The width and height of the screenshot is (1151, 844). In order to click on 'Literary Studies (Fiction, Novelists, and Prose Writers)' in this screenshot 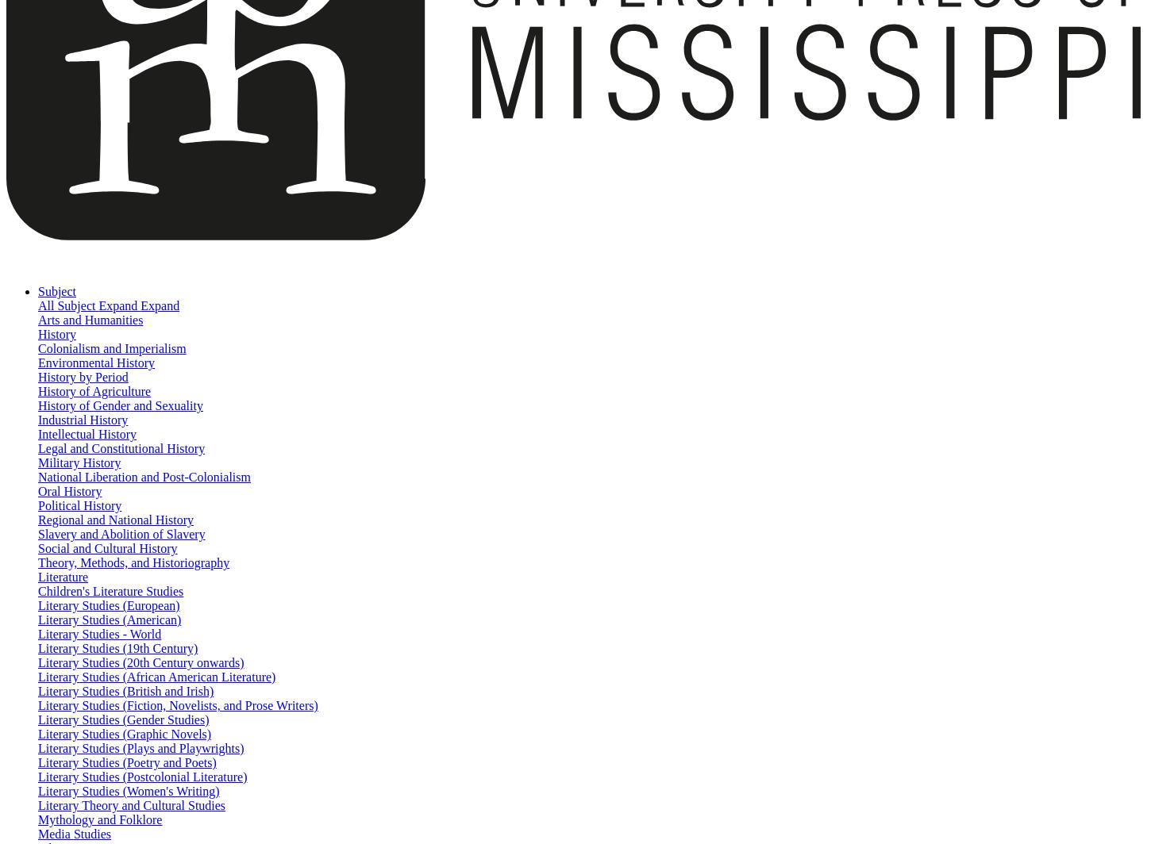, I will do `click(177, 705)`.